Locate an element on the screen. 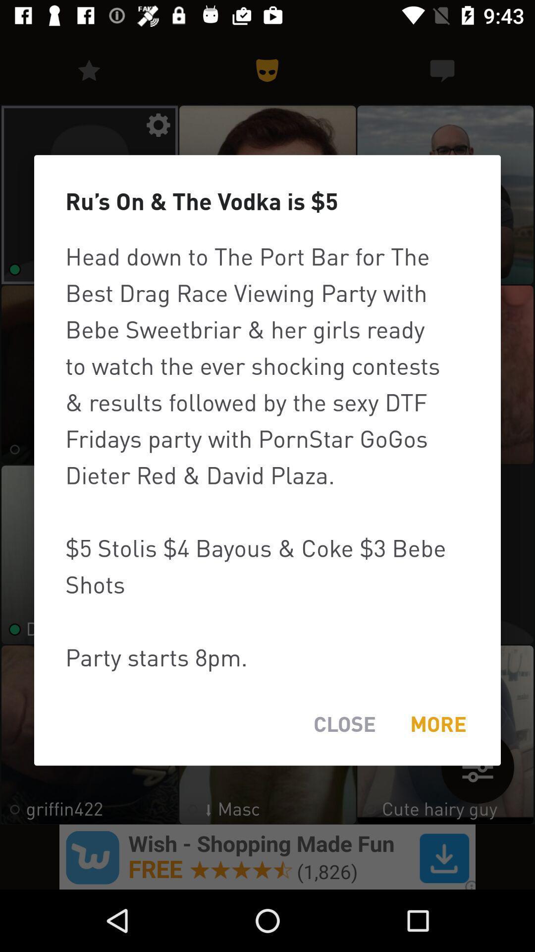 The width and height of the screenshot is (535, 952). item at the center is located at coordinates (267, 456).